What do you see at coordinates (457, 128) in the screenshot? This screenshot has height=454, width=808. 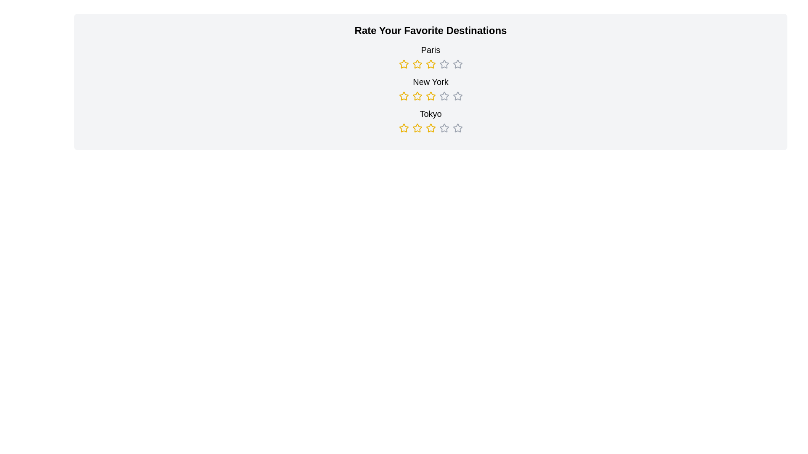 I see `the fifth rating star icon located under the label 'Tokyo'` at bounding box center [457, 128].